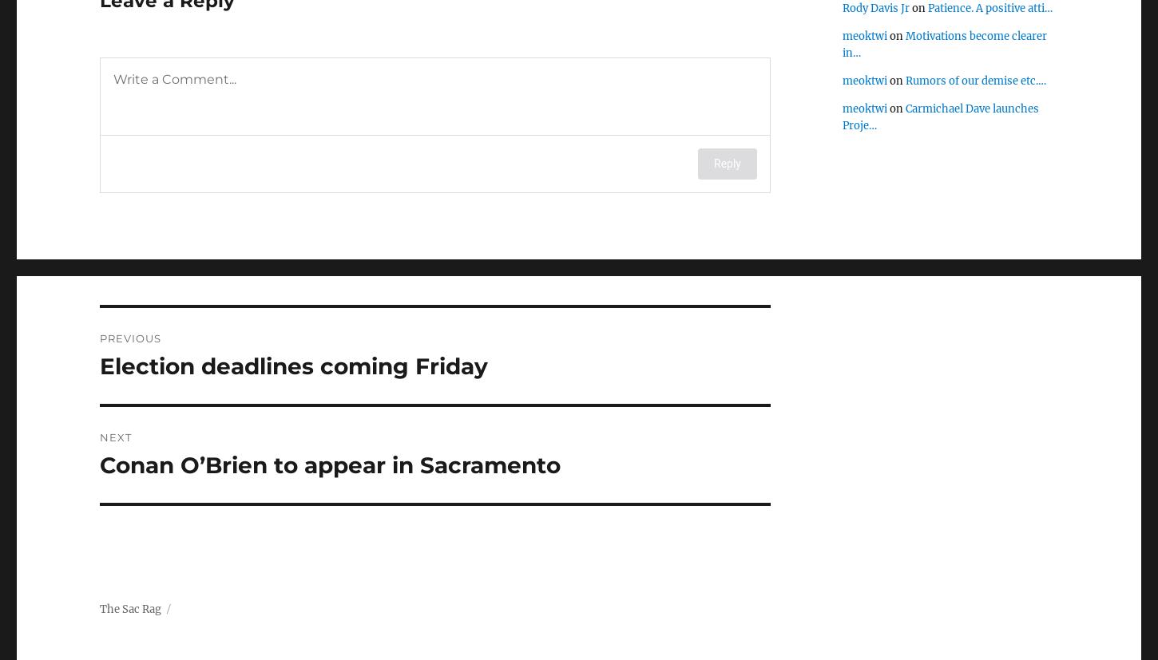 The width and height of the screenshot is (1158, 660). What do you see at coordinates (843, 43) in the screenshot?
I see `'Motivations become clearer in…'` at bounding box center [843, 43].